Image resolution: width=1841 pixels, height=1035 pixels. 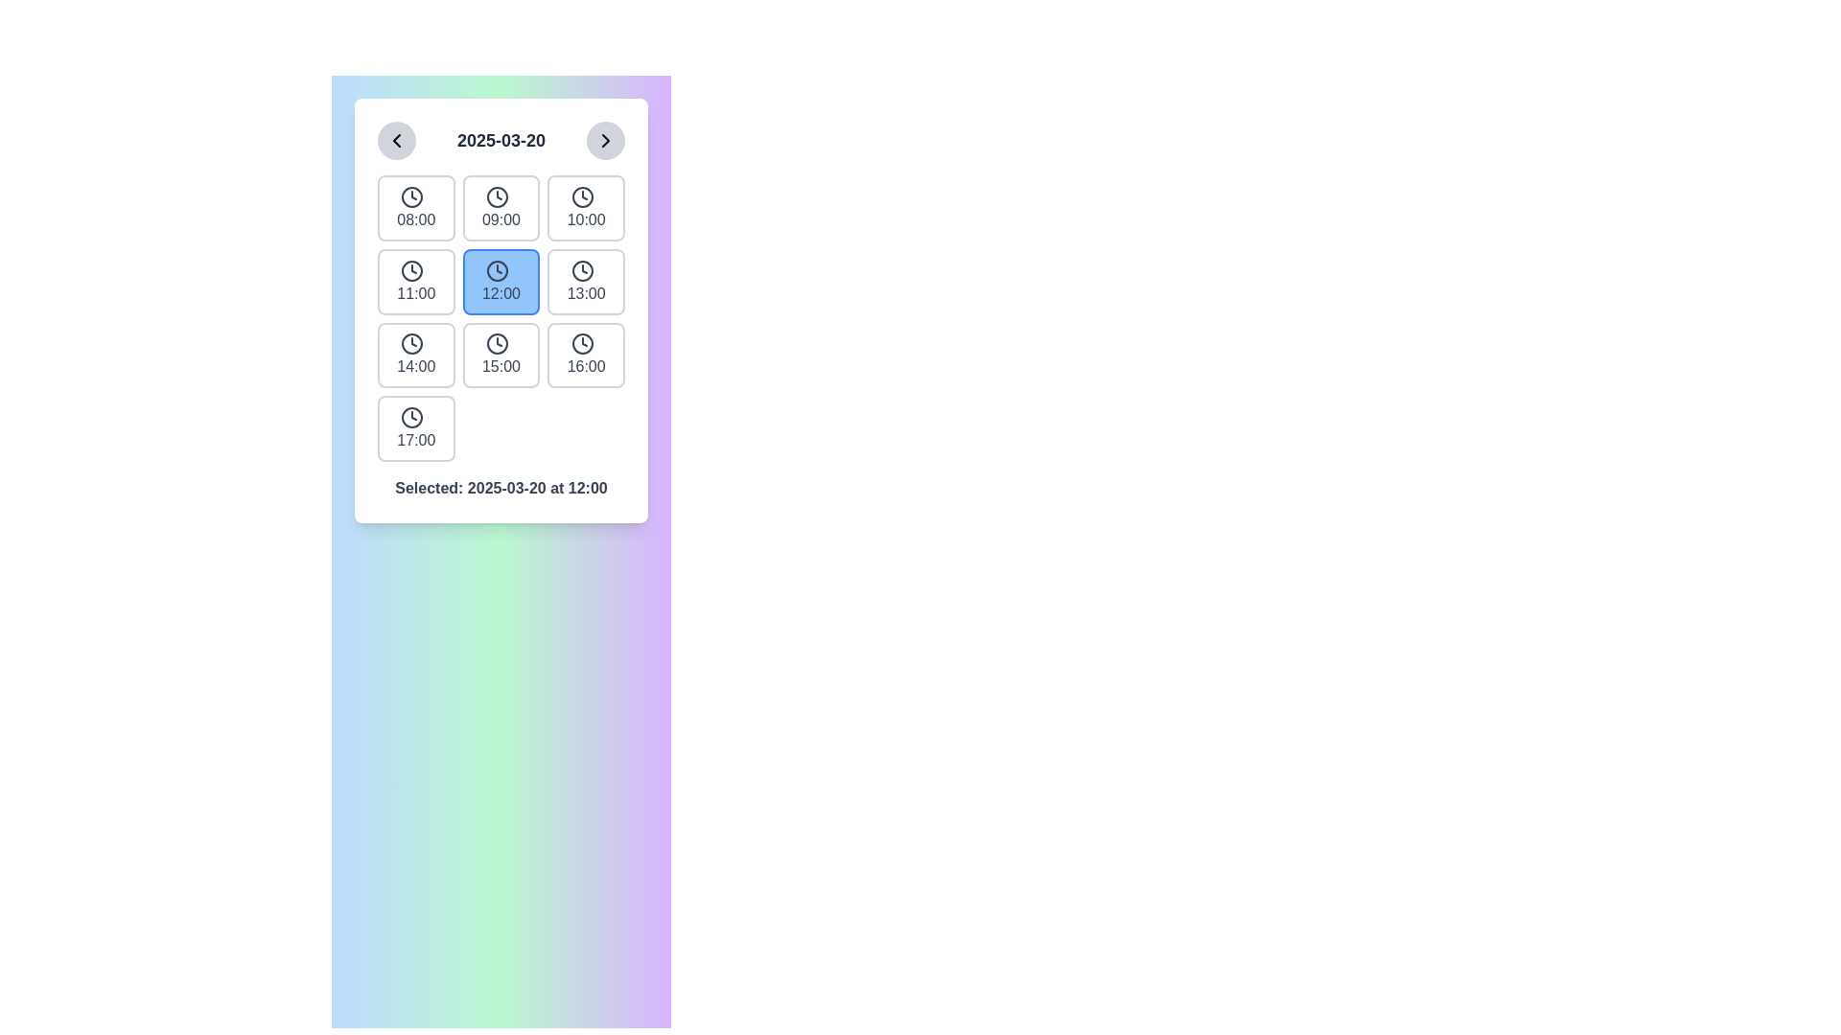 I want to click on the time slot button in the grid, so click(x=501, y=316).